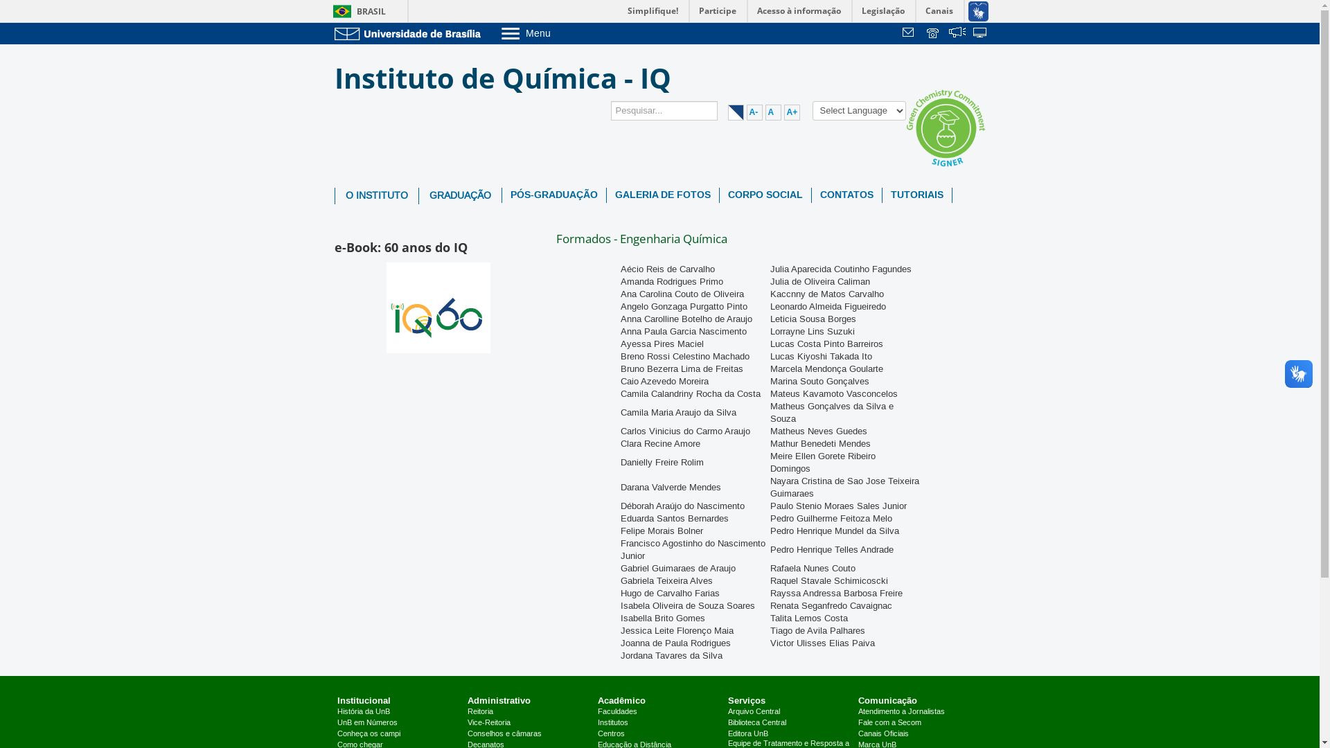  Describe the element at coordinates (753, 712) in the screenshot. I see `'Arquivo Central'` at that location.